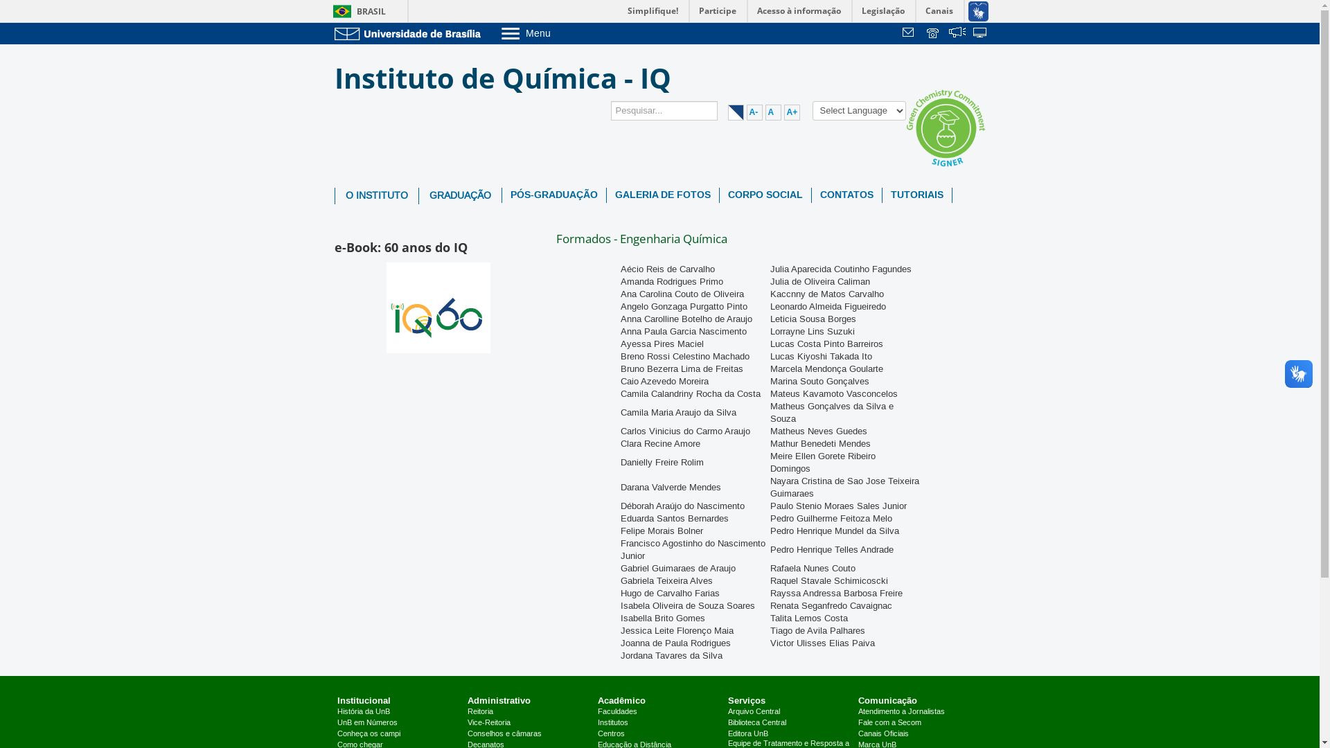  Describe the element at coordinates (753, 712) in the screenshot. I see `'Arquivo Central'` at that location.